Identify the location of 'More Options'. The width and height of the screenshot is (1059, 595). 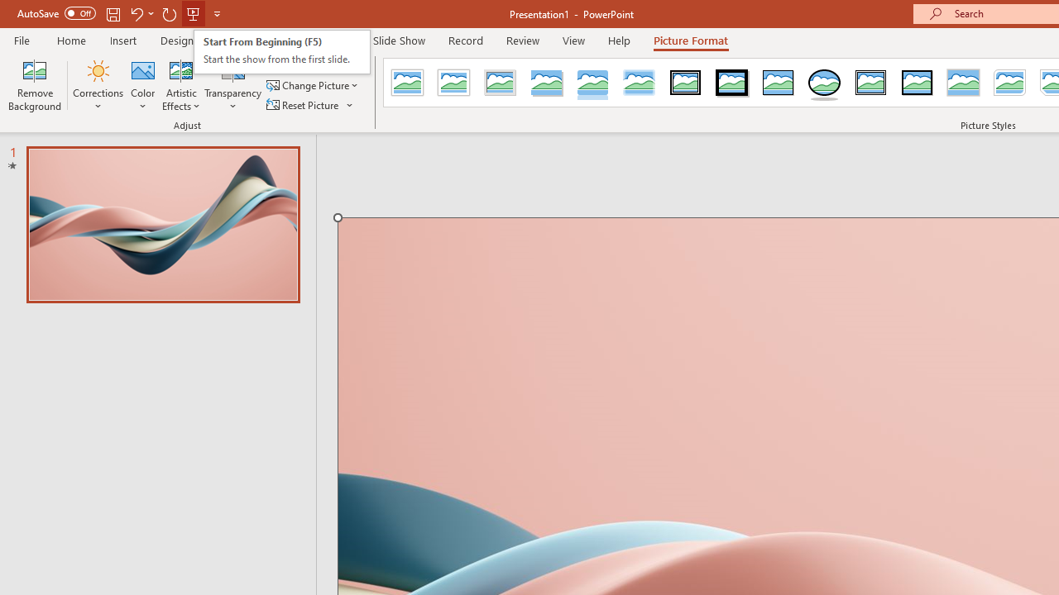
(350, 105).